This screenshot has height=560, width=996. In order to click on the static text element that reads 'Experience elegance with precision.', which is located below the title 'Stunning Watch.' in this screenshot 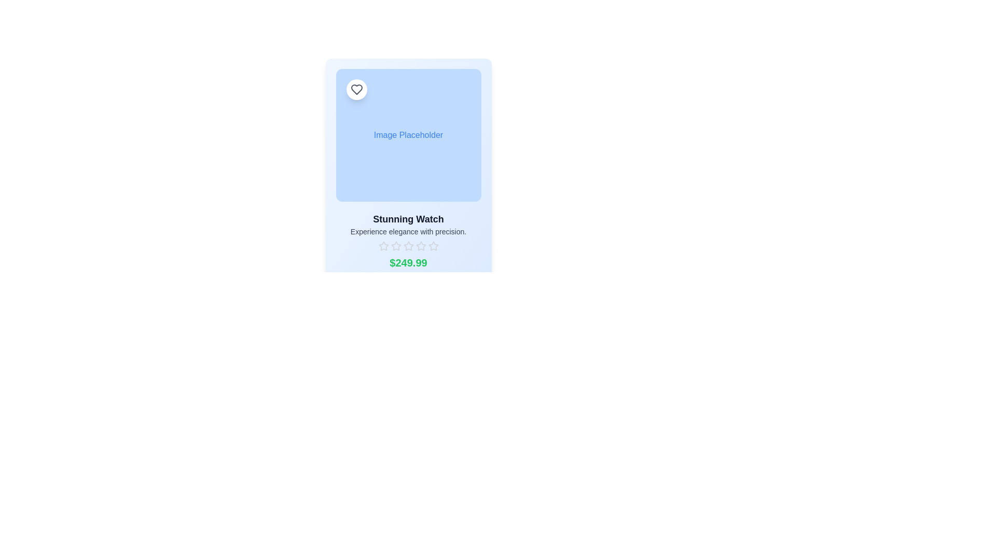, I will do `click(408, 231)`.